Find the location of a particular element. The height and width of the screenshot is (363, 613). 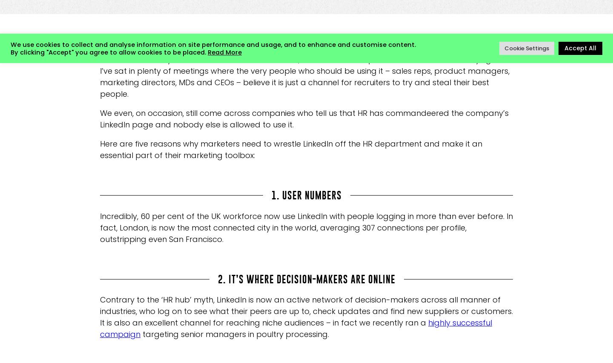

'Incredibly, 60 per cent of the UK workforce now use LinkedIn with people logging in more than ever before. In fact, London, is now the most connected city in the world, averaging 307 connections per profile, outstripping even San Francisco.' is located at coordinates (306, 227).